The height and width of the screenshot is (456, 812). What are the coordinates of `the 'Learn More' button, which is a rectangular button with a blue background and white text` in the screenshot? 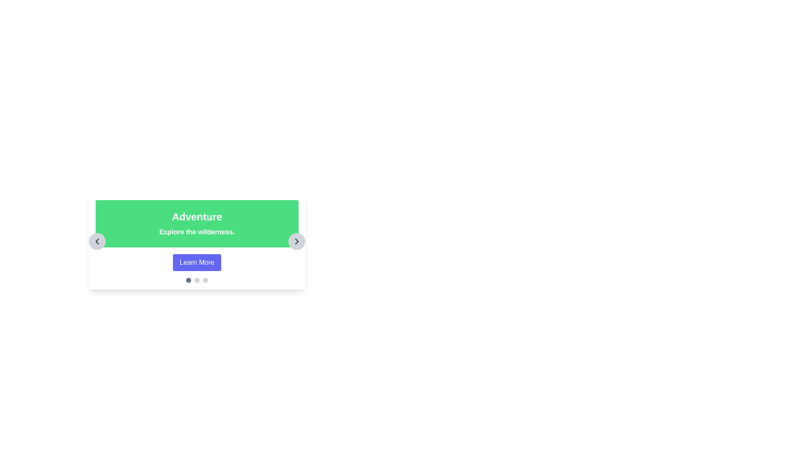 It's located at (196, 262).